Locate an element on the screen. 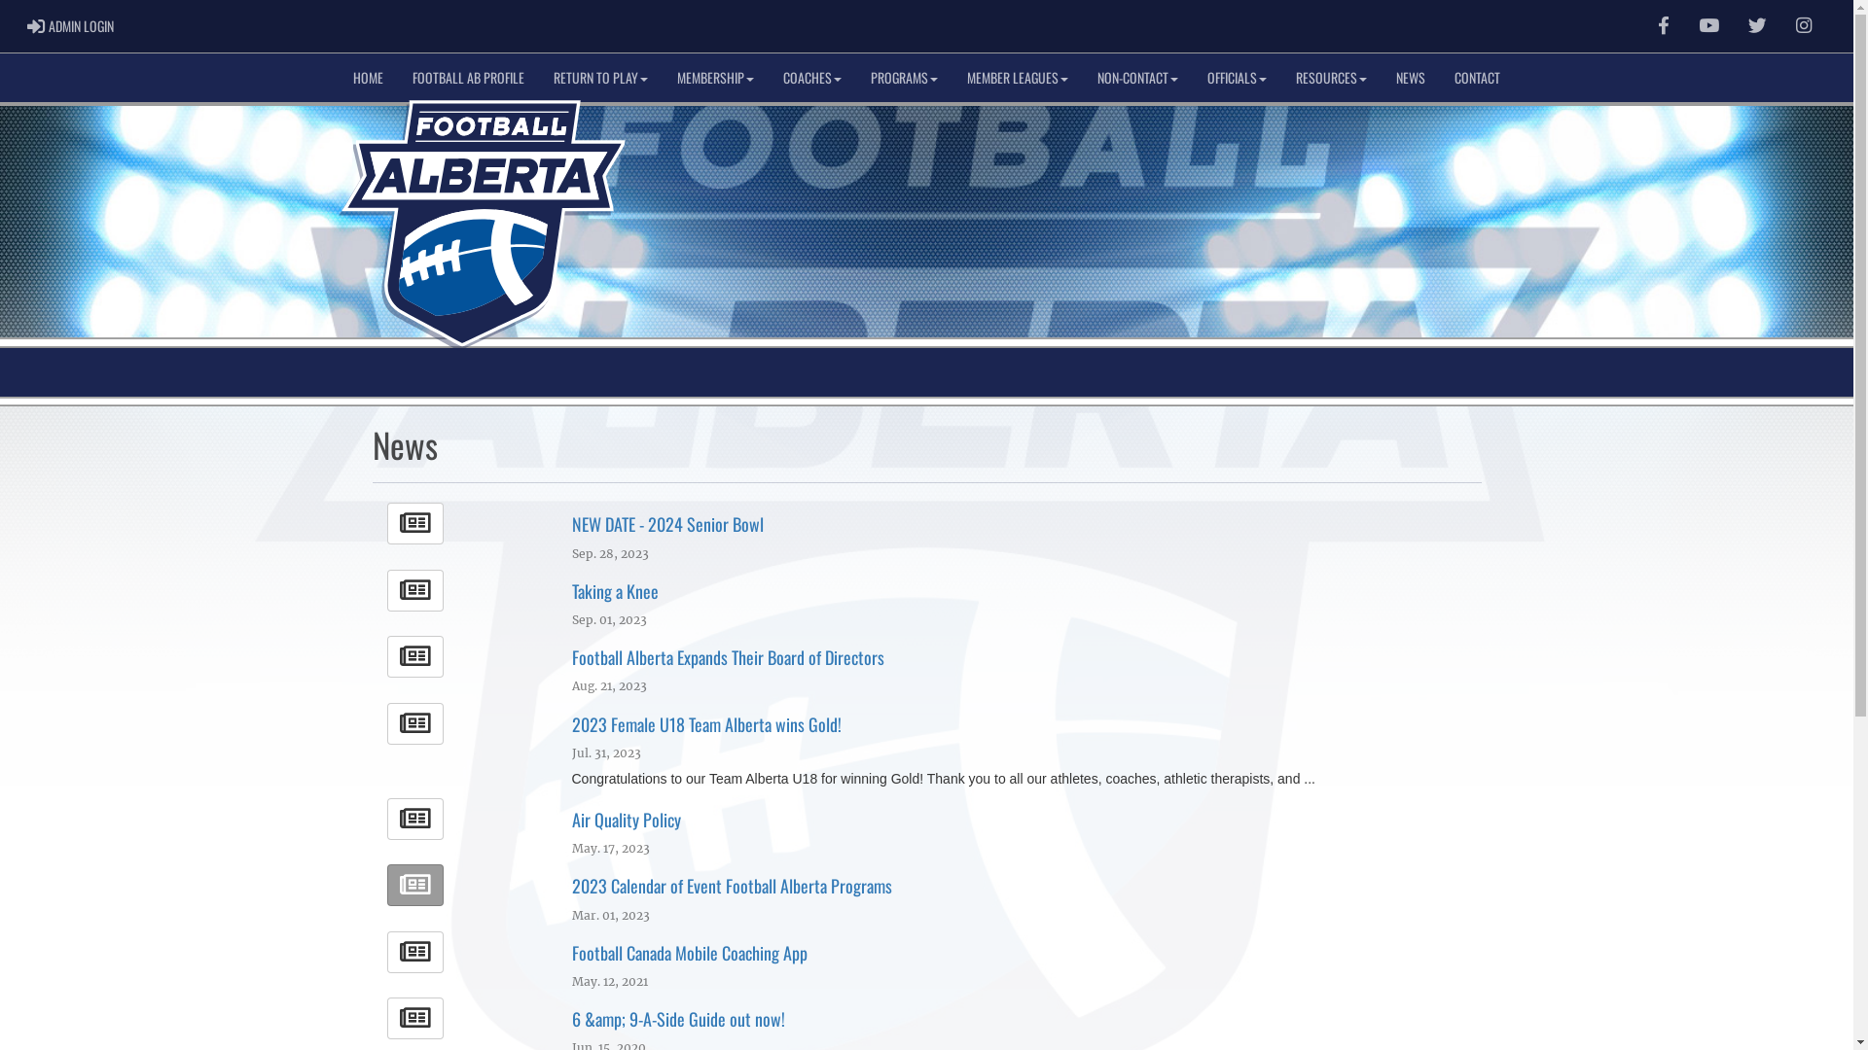 This screenshot has width=1868, height=1050. 'FOOTBALL AB PROFILE' is located at coordinates (468, 77).